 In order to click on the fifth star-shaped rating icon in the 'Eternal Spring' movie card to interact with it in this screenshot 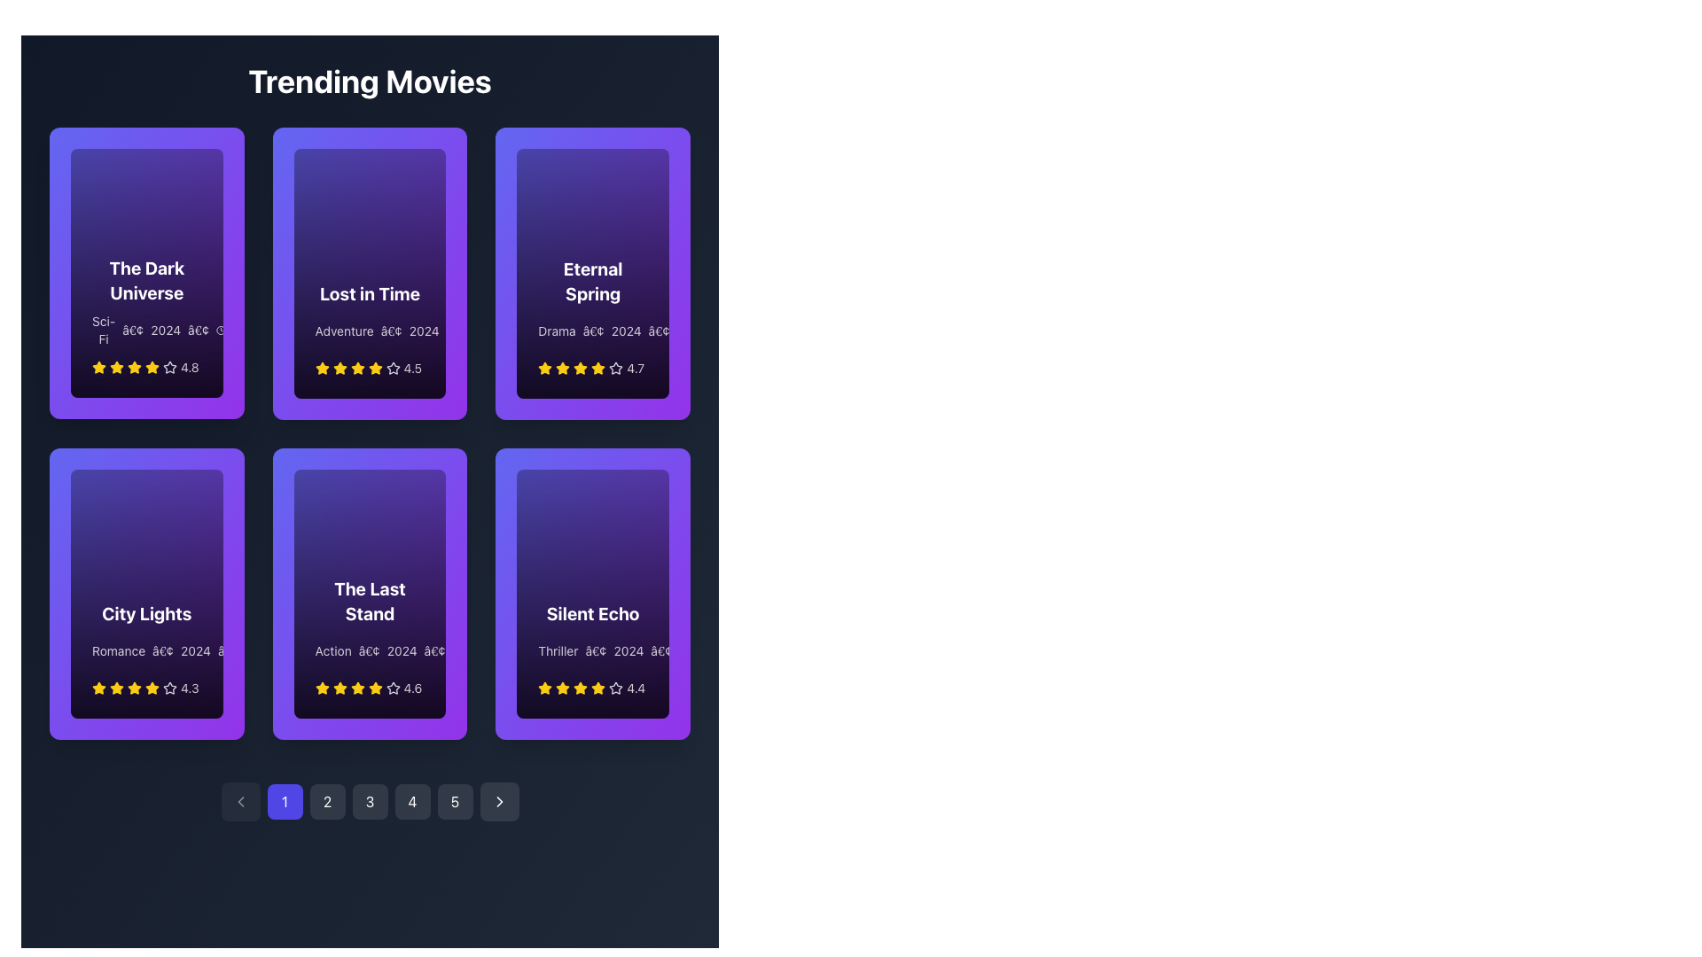, I will do `click(616, 367)`.